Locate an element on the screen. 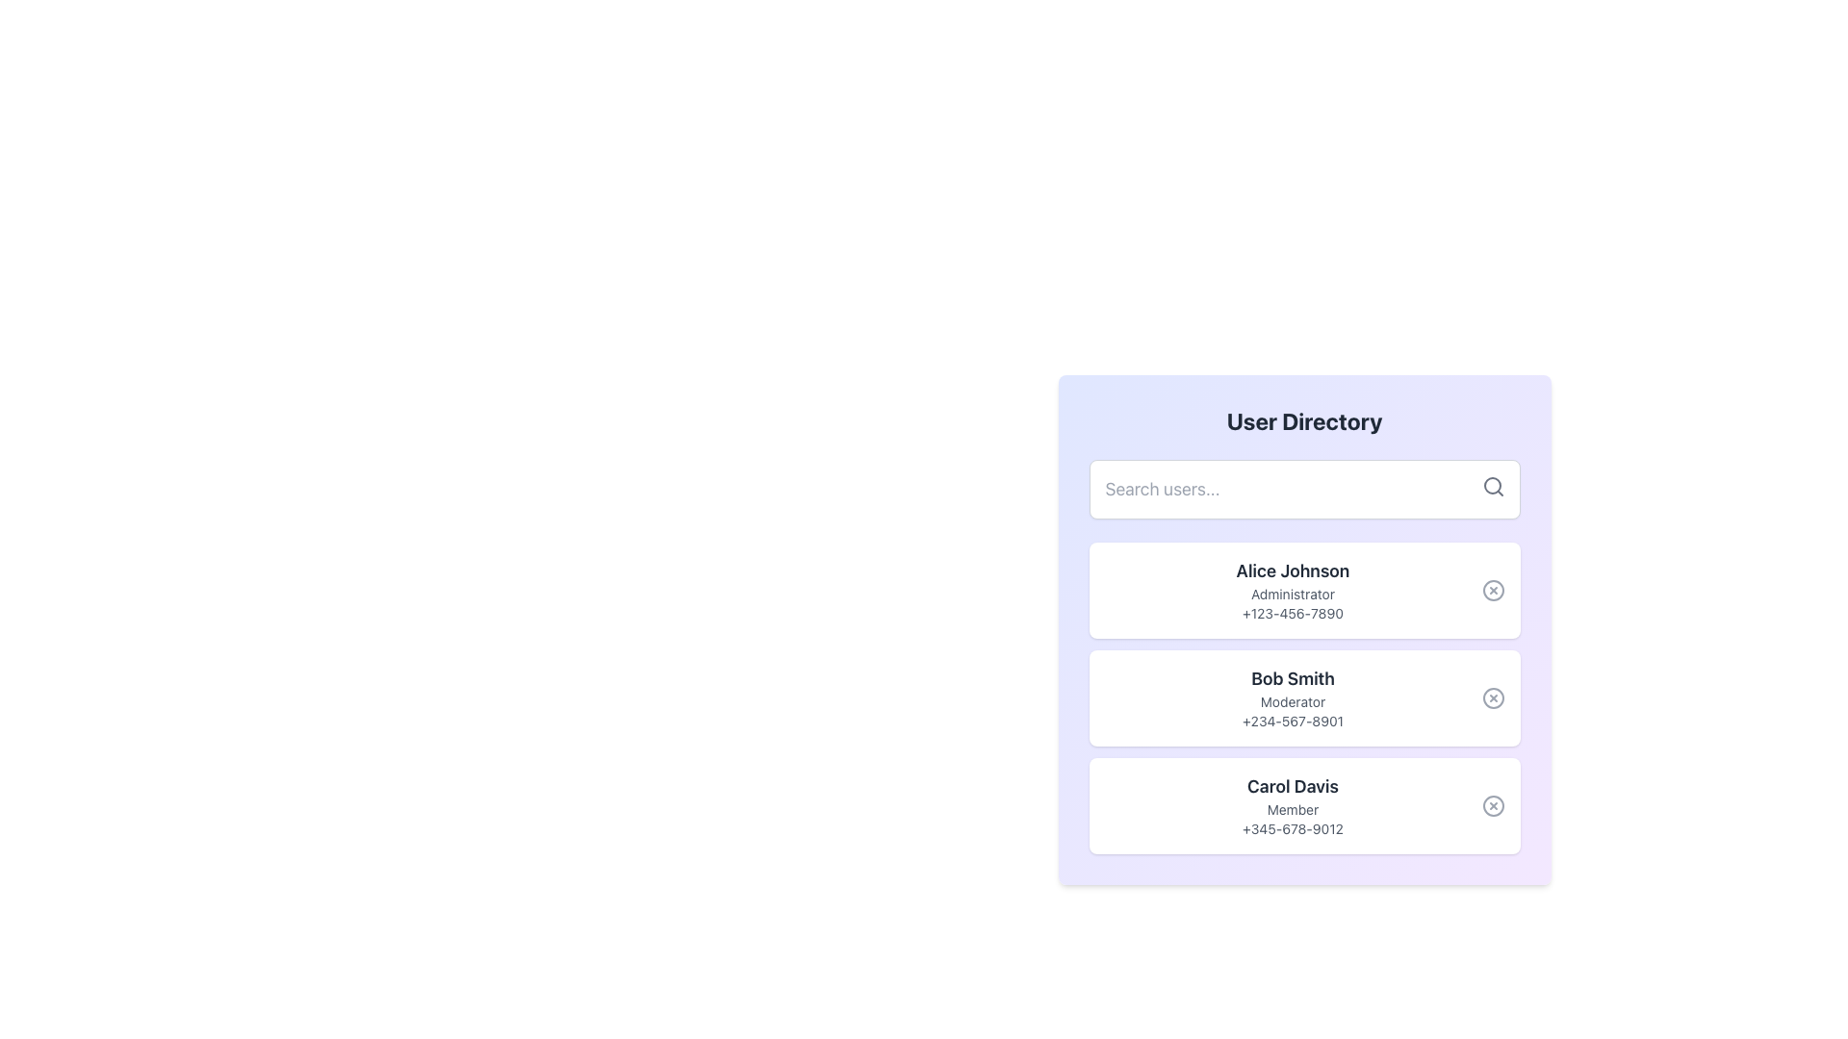 The height and width of the screenshot is (1039, 1848). the label indicating that Bob Smith is a 'Moderator', which is located directly below his name and above his phone number in the user directory is located at coordinates (1293, 701).